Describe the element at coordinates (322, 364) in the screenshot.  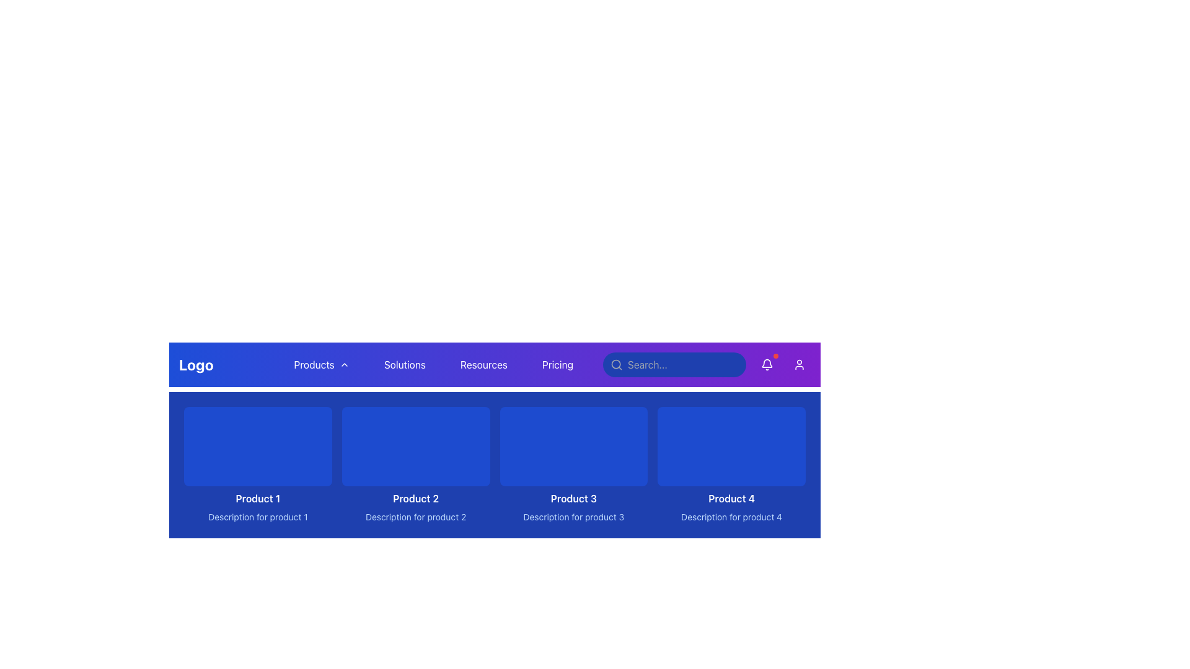
I see `the 'Products' dropdown menu trigger, which is styled with white text on a blue background and includes a chevron pointing downwards` at that location.